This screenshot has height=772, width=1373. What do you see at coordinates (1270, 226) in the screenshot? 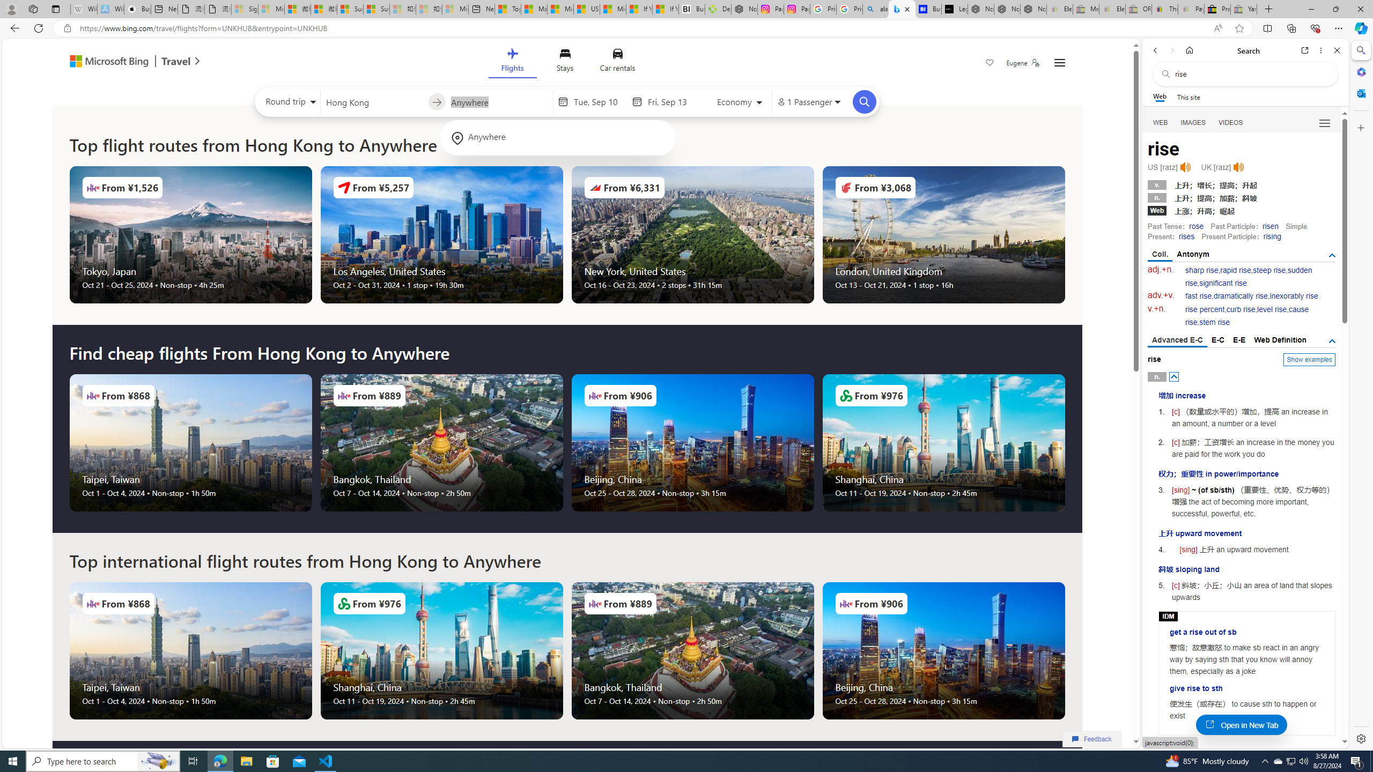
I see `'risen'` at bounding box center [1270, 226].